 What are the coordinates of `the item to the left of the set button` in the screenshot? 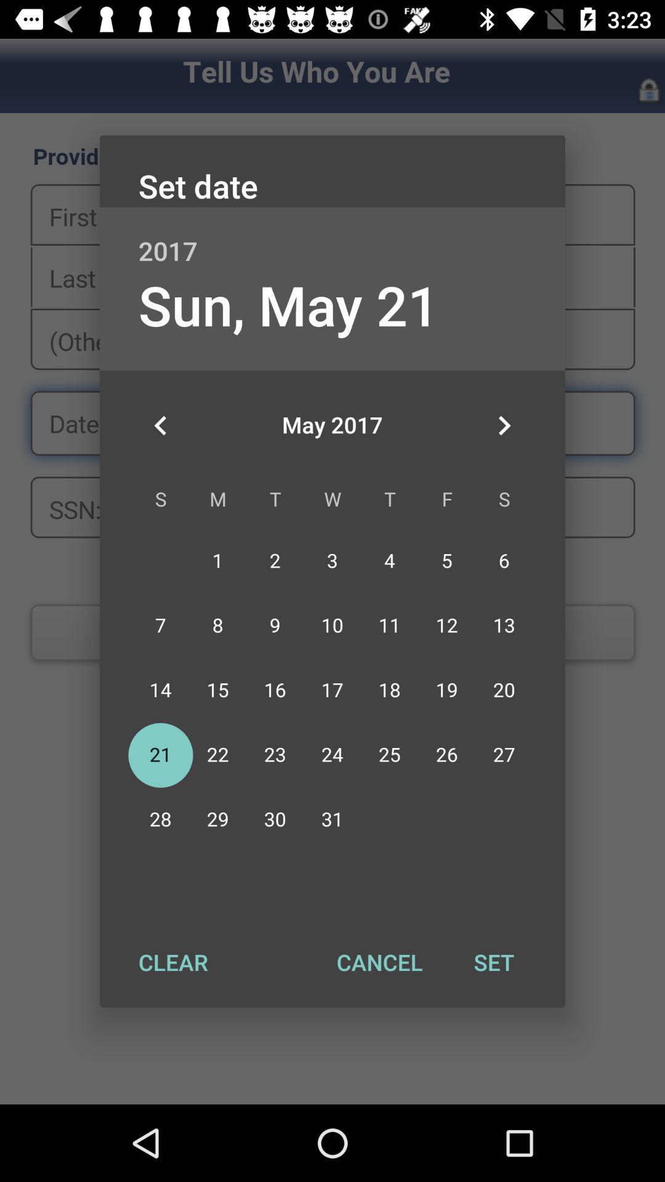 It's located at (379, 962).